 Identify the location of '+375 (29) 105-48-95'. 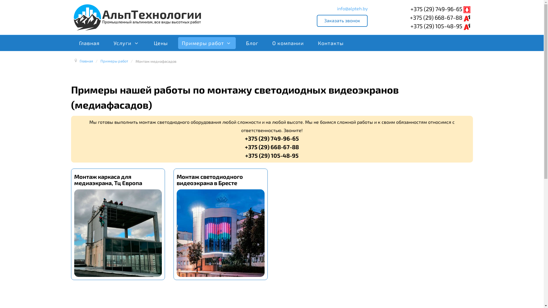
(410, 26).